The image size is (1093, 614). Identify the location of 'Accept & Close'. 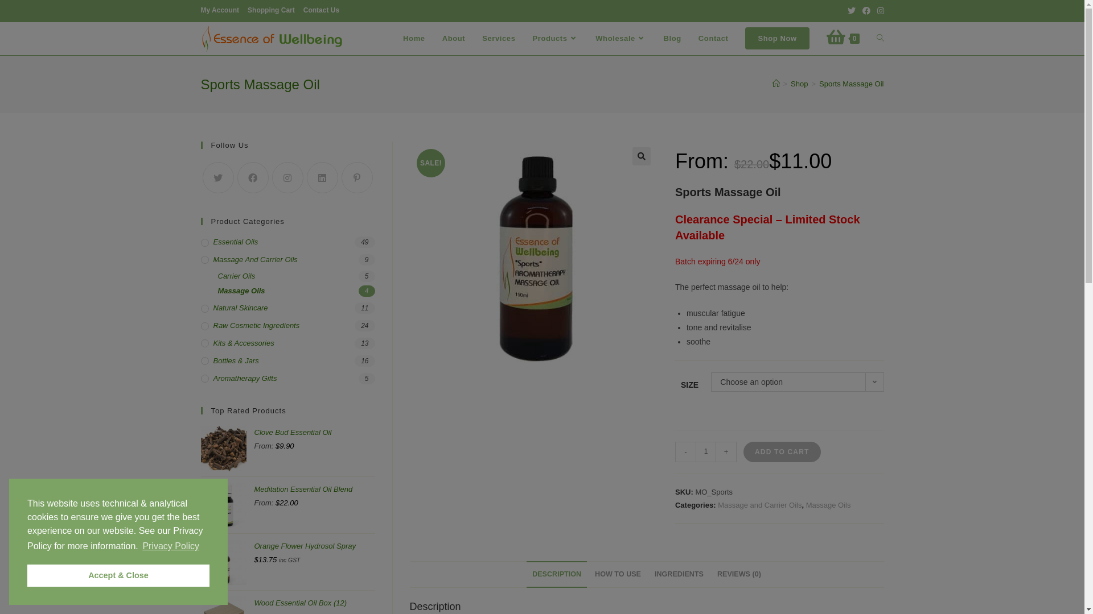
(118, 575).